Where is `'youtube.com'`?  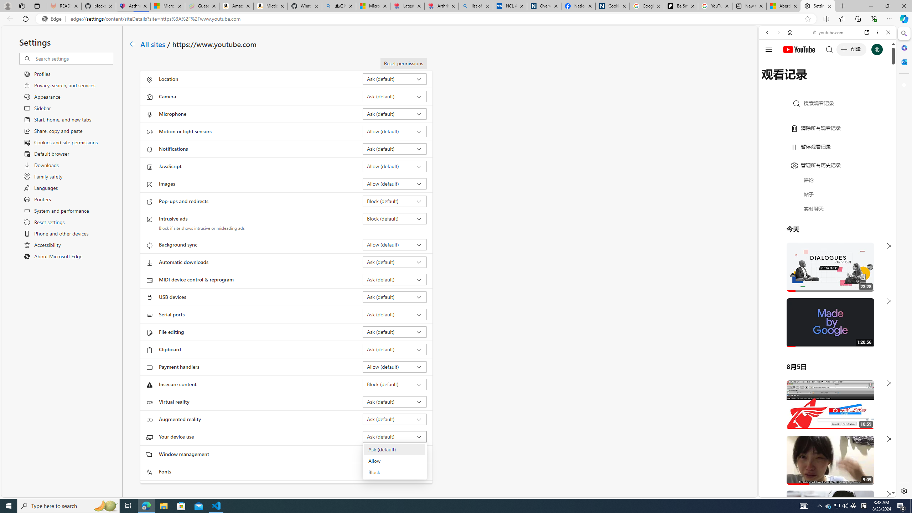
'youtube.com' is located at coordinates (828, 32).